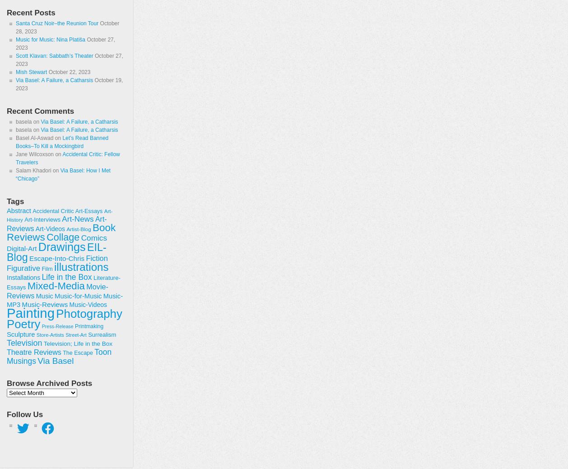  What do you see at coordinates (42, 219) in the screenshot?
I see `'Art-Interviews'` at bounding box center [42, 219].